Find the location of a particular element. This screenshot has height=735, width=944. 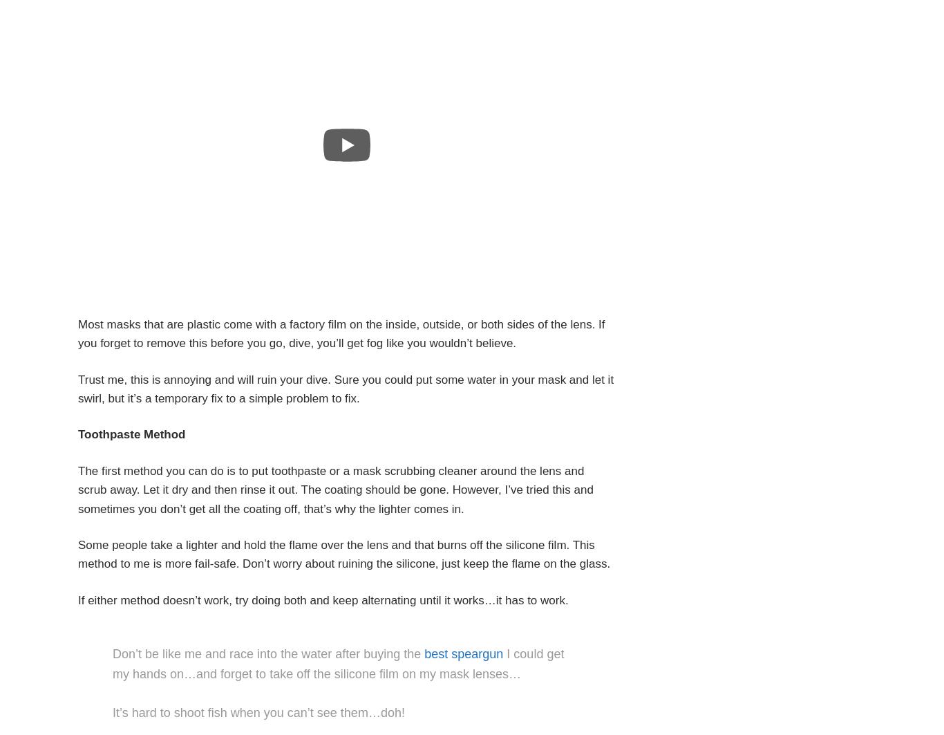

'If either method doesn’t work, try doing both and keep alternating until it works…it has to work.' is located at coordinates (77, 599).